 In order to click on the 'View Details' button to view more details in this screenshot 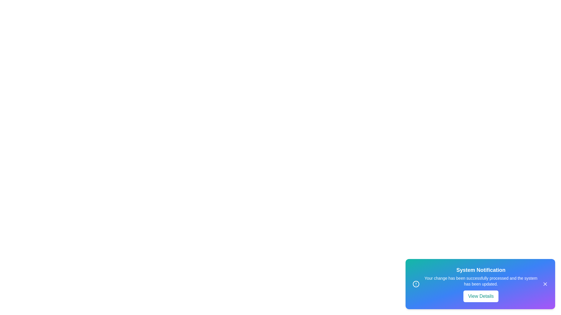, I will do `click(481, 296)`.